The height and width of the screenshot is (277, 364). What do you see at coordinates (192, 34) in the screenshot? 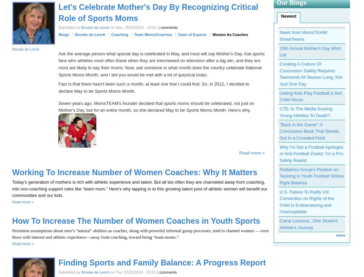
I see `'Team of Experts'` at bounding box center [192, 34].